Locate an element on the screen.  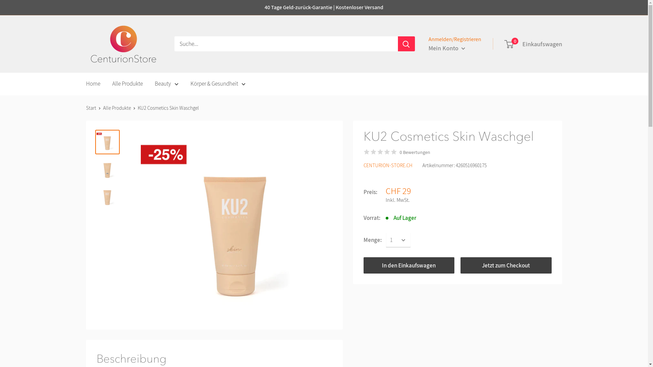
'Start' is located at coordinates (90, 107).